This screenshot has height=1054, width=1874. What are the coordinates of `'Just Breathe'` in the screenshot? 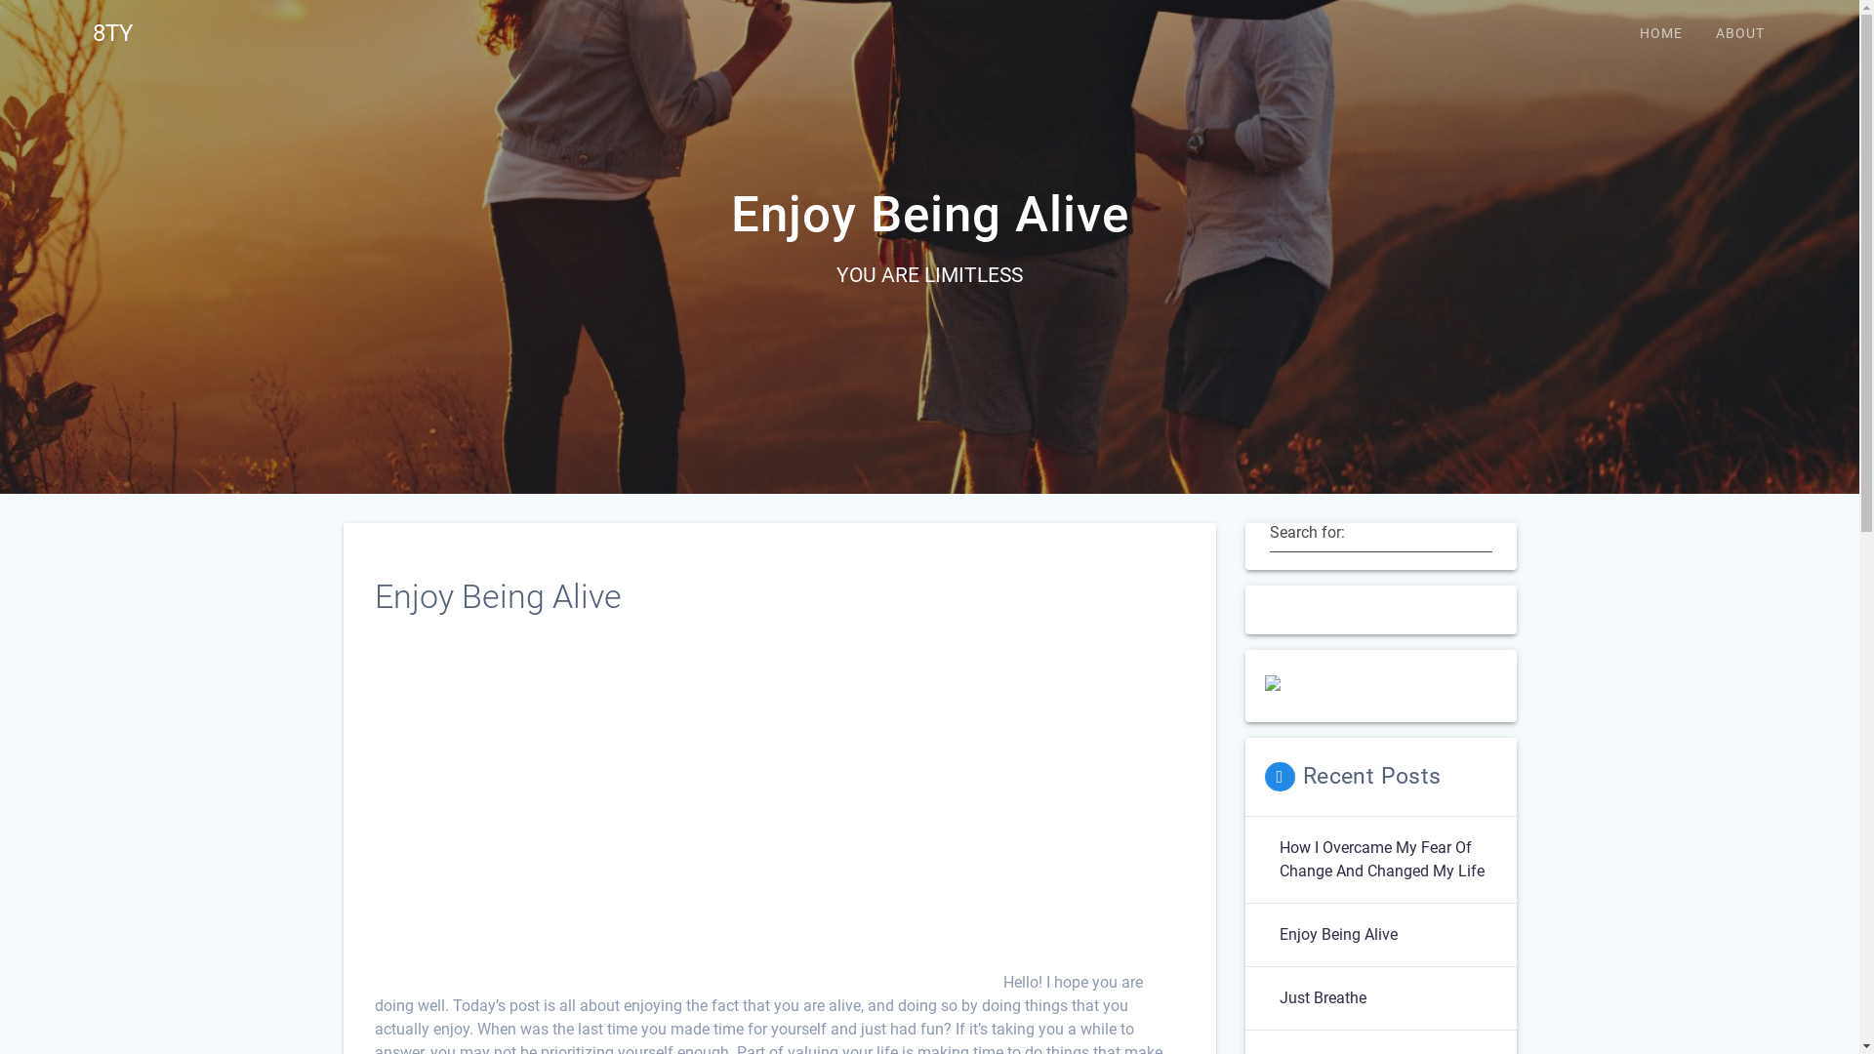 It's located at (1322, 997).